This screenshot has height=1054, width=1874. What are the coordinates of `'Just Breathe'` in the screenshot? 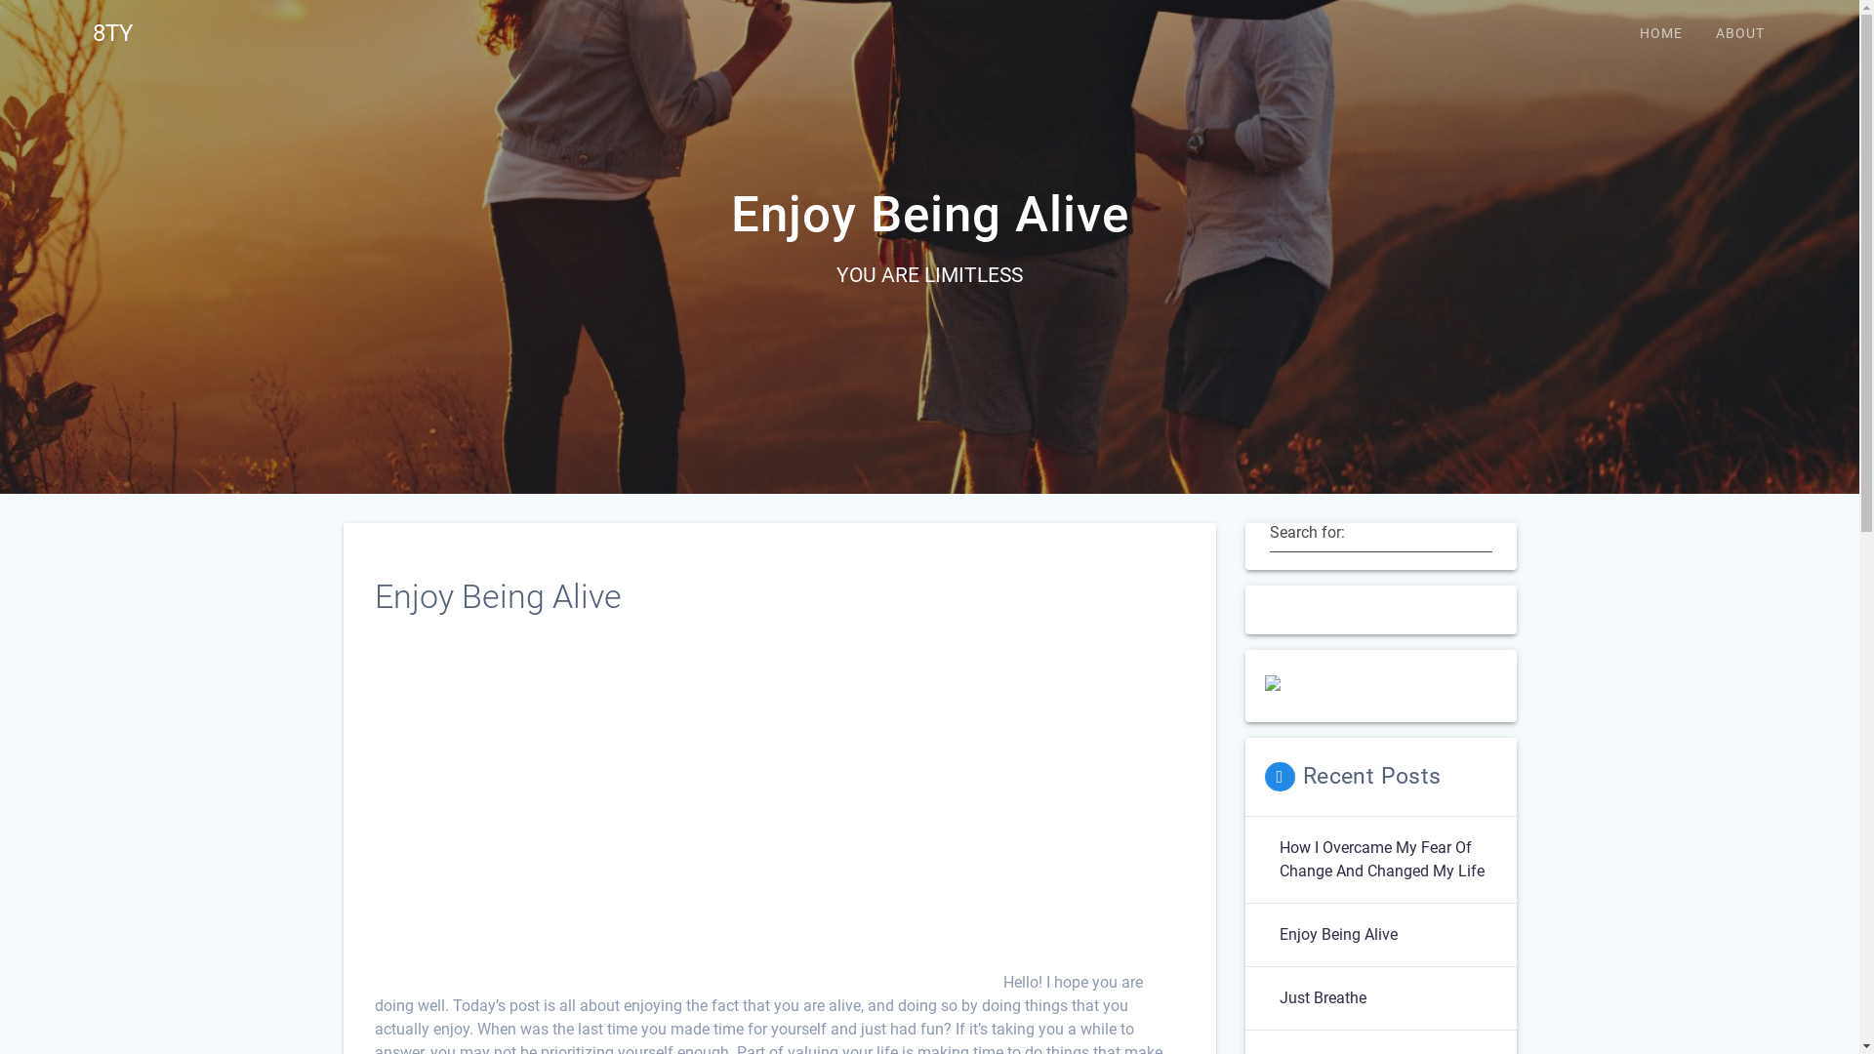 It's located at (1322, 997).